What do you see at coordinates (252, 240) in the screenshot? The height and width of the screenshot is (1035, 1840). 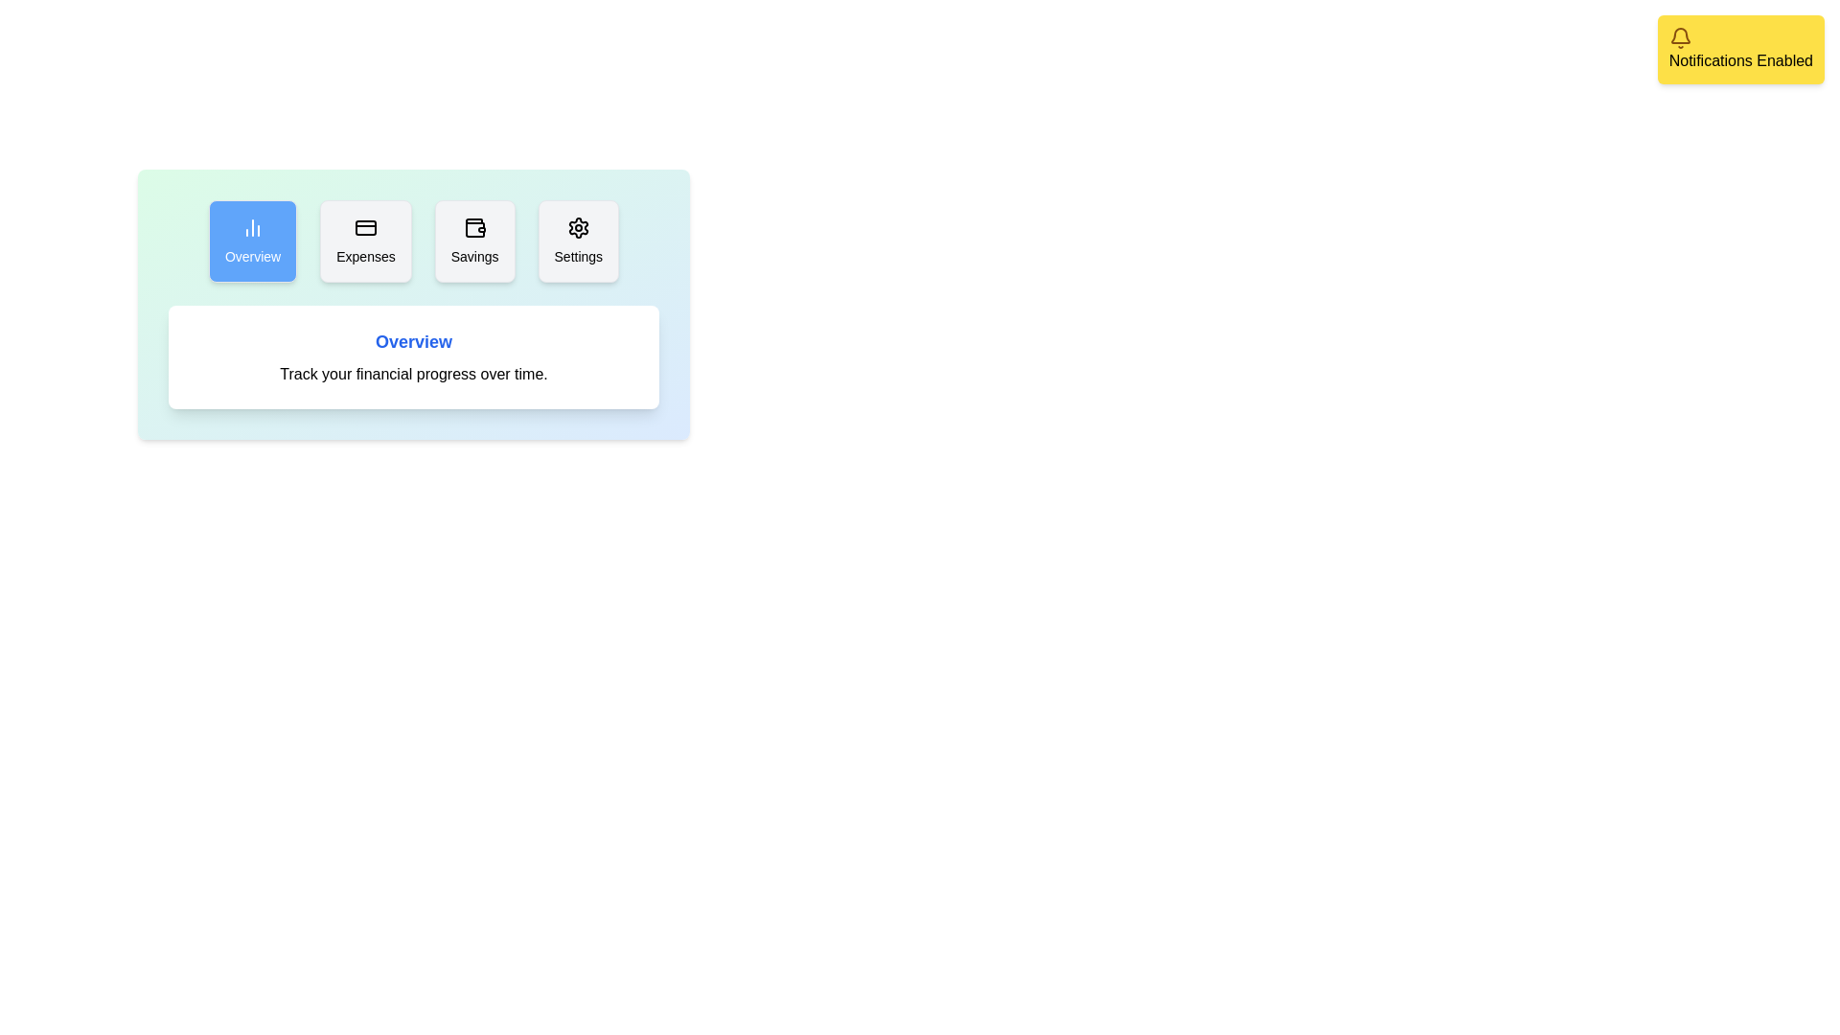 I see `the tab Overview by clicking on it` at bounding box center [252, 240].